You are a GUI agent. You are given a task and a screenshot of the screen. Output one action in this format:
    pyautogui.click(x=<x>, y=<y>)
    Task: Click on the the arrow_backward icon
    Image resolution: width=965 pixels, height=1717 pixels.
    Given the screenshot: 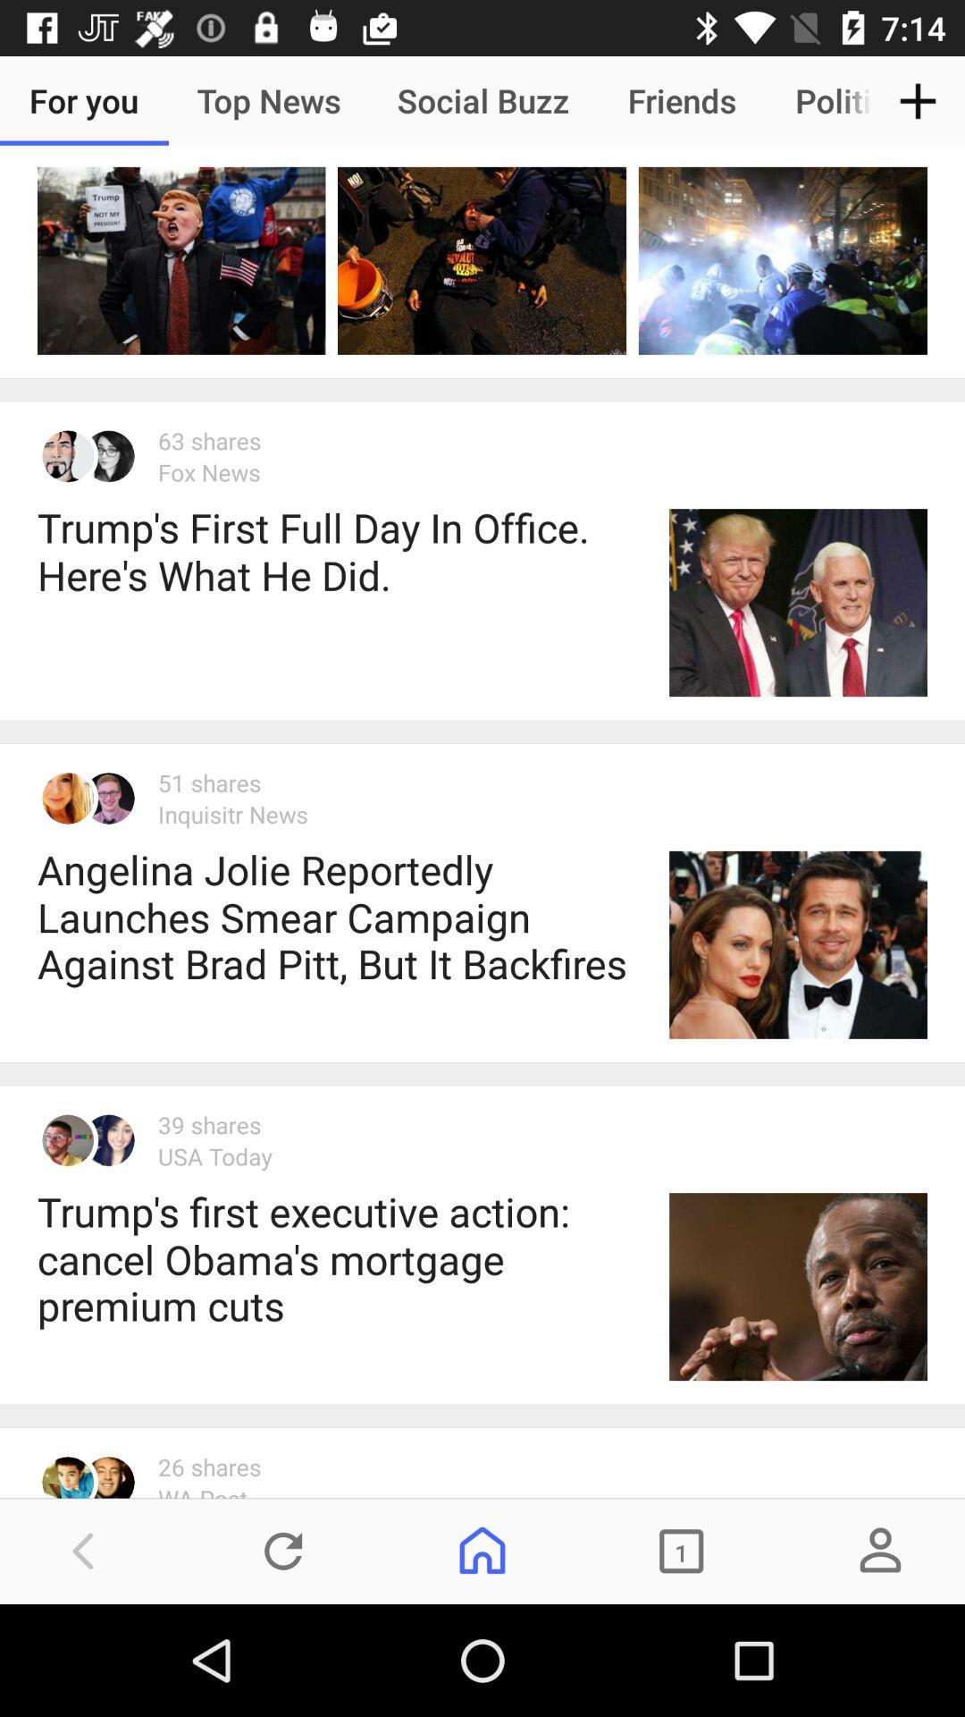 What is the action you would take?
    pyautogui.click(x=84, y=1550)
    